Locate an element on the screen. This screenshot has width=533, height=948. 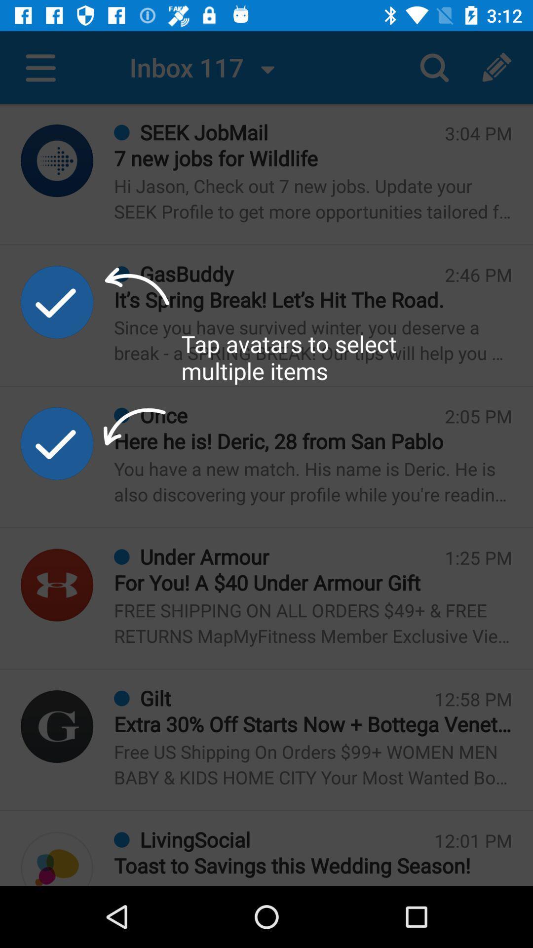
gilt information is located at coordinates (57, 726).